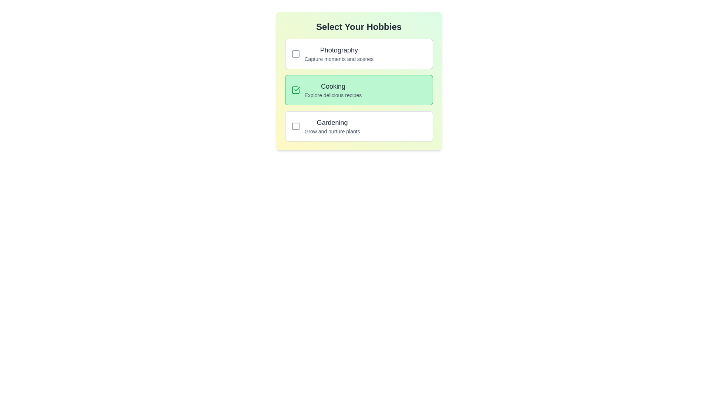 This screenshot has width=710, height=399. Describe the element at coordinates (332, 122) in the screenshot. I see `the text label that serves as the heading for the third option in the 'Select Your Hobbies' list` at that location.